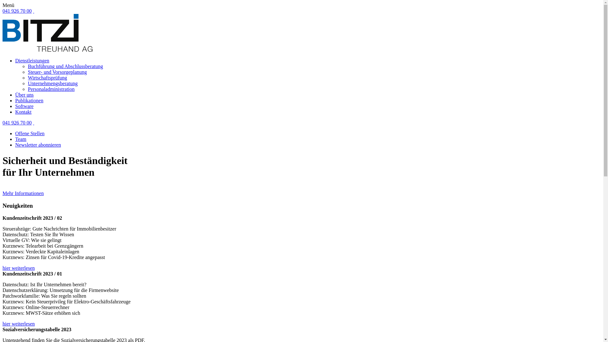 The height and width of the screenshot is (342, 608). What do you see at coordinates (29, 133) in the screenshot?
I see `'Offene Stellen'` at bounding box center [29, 133].